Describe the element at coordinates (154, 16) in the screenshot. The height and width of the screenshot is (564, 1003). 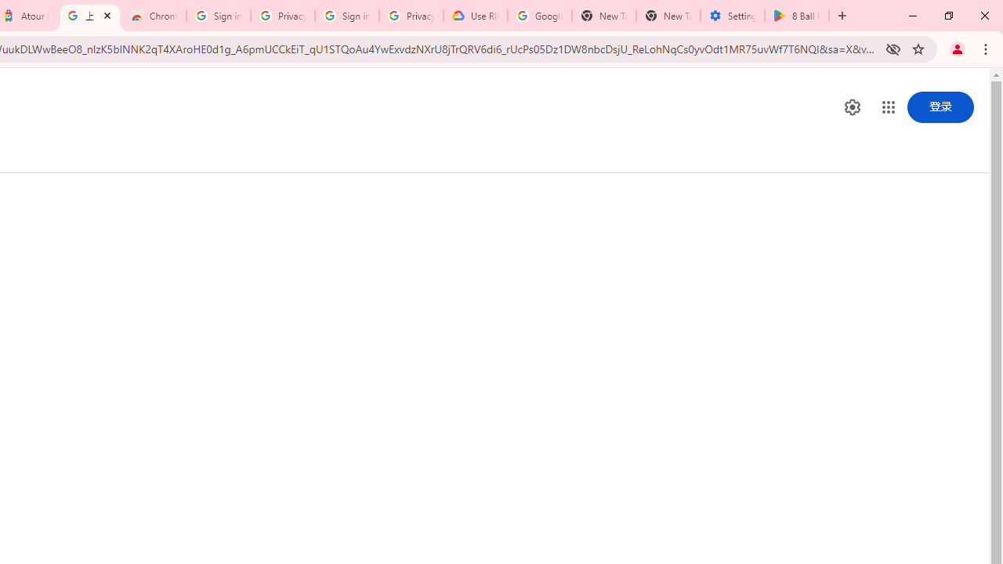
I see `'Chrome Web Store - Color themes by Chrome'` at that location.